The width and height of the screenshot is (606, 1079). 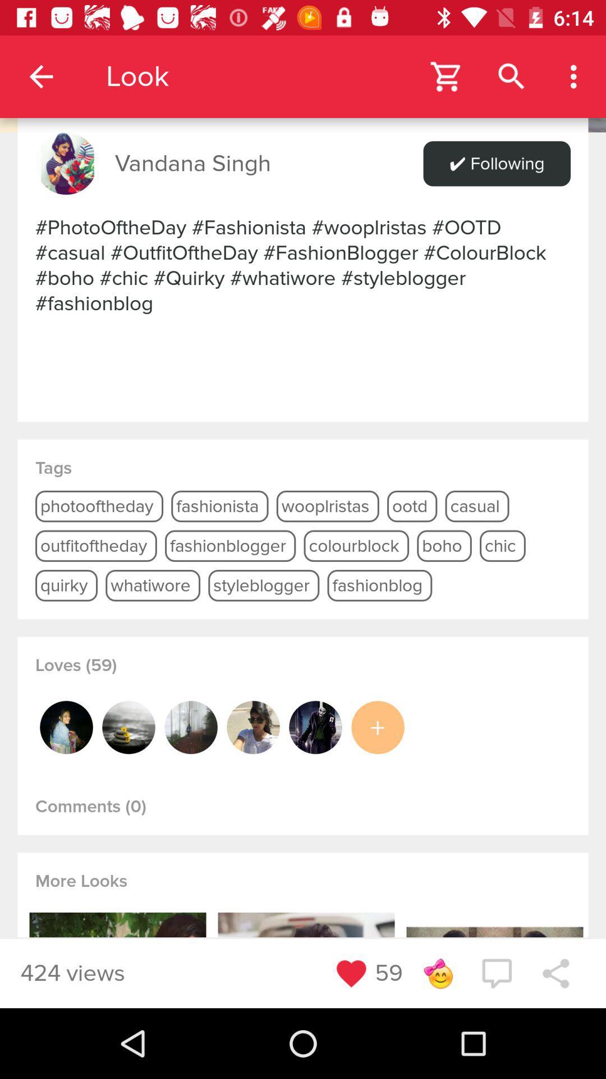 What do you see at coordinates (128, 727) in the screenshot?
I see `icon above comments (0) item` at bounding box center [128, 727].